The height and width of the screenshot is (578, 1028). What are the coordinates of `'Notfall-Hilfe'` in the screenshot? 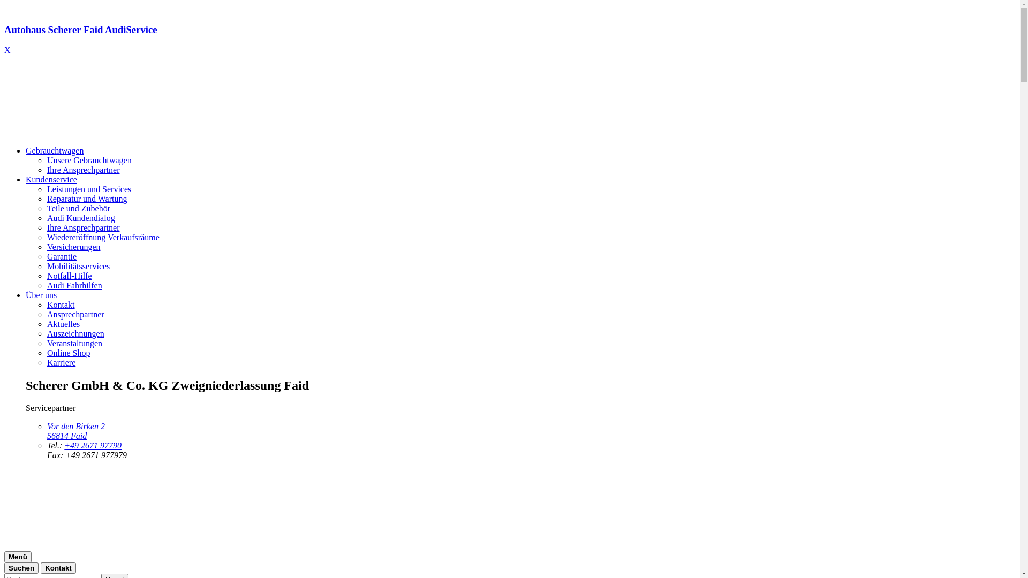 It's located at (69, 275).